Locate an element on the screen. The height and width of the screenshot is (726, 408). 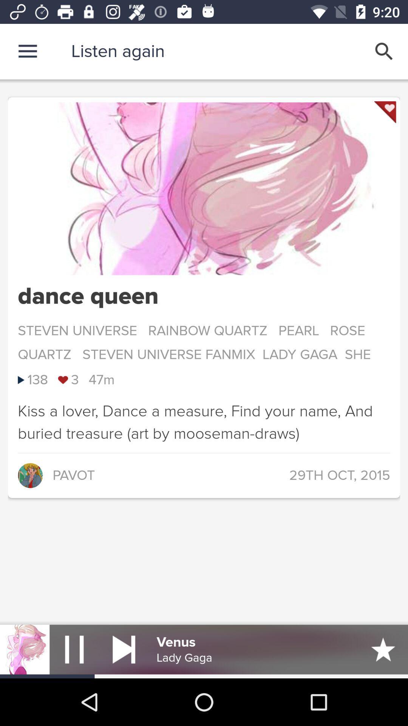
the pause icon is located at coordinates (74, 649).